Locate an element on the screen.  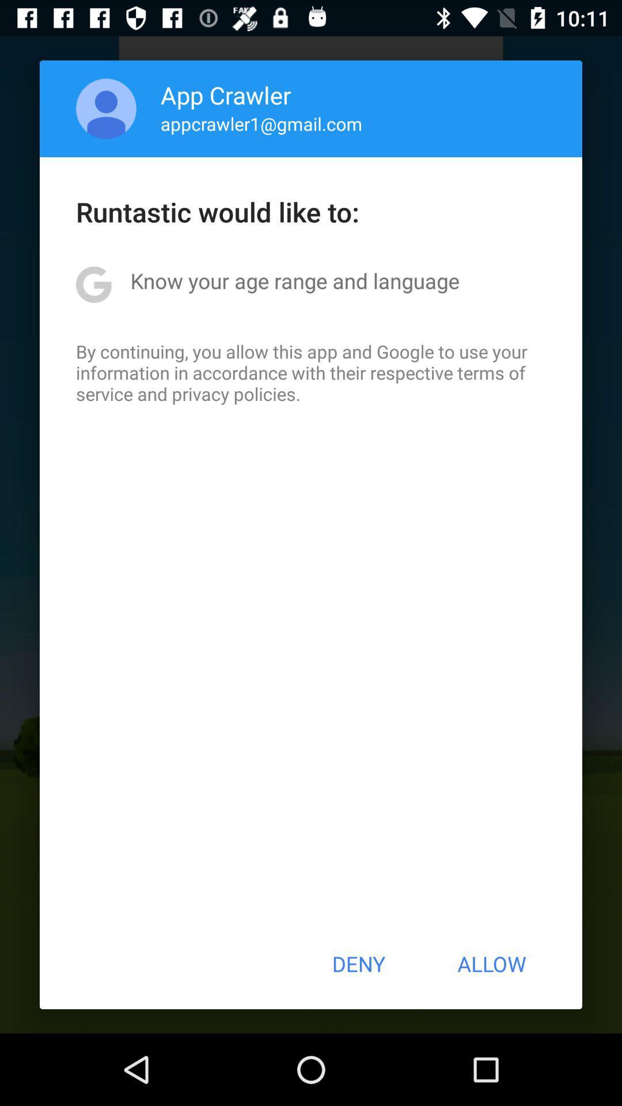
item to the left of the allow icon is located at coordinates (358, 964).